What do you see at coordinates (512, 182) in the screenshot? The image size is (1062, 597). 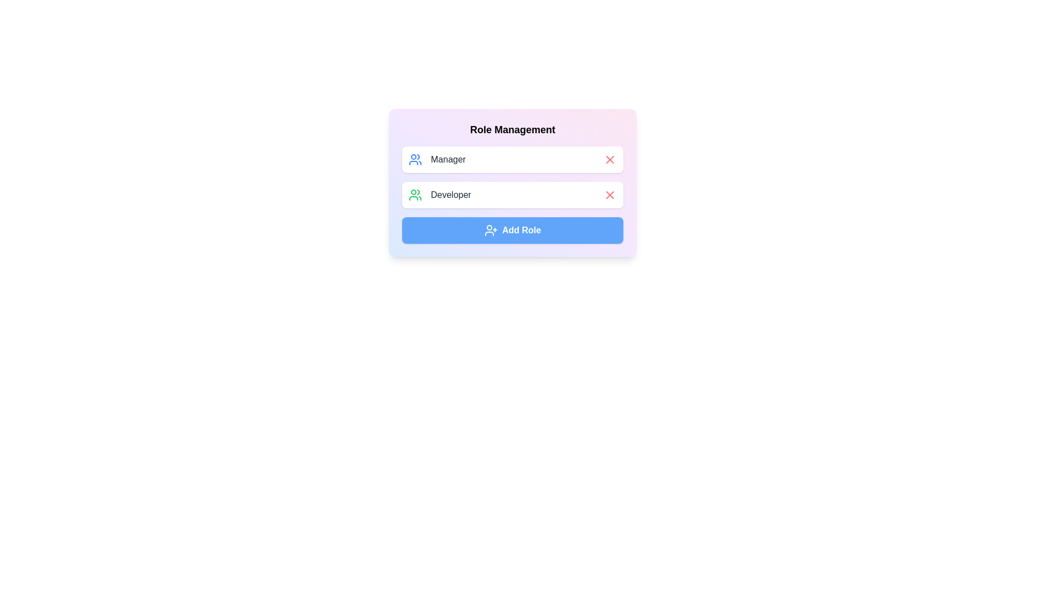 I see `the background of the component to test for focus or click effects` at bounding box center [512, 182].